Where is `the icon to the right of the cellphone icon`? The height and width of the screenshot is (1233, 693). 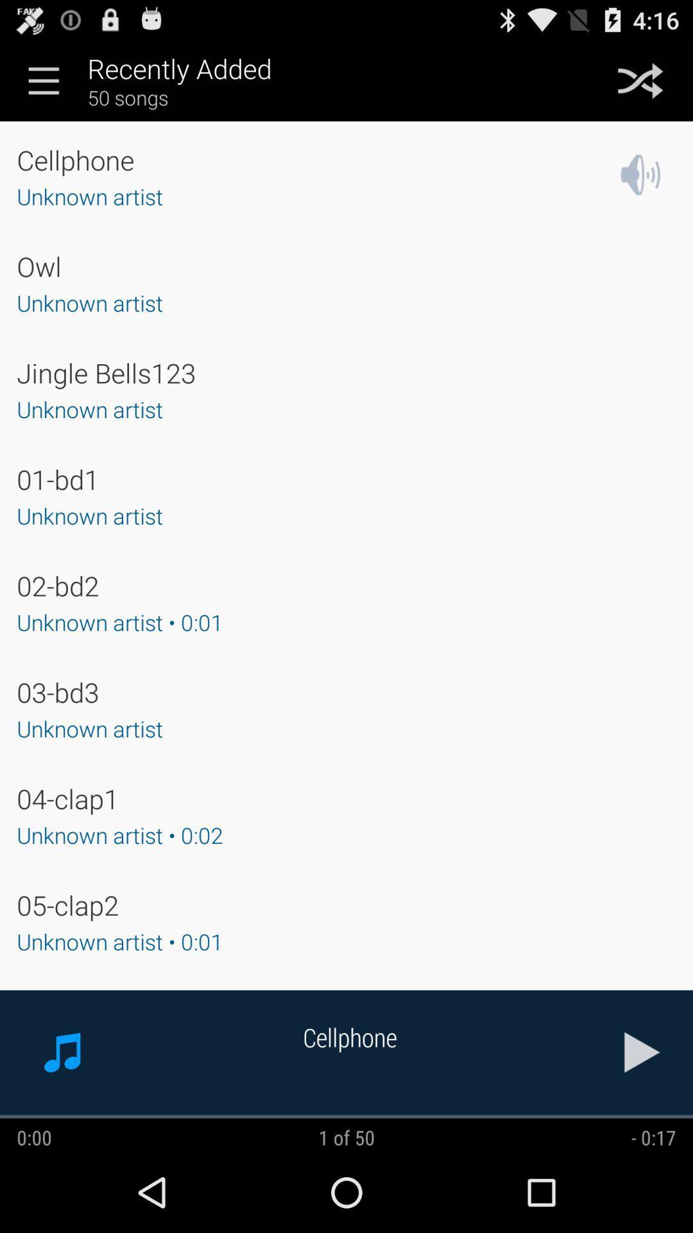
the icon to the right of the cellphone icon is located at coordinates (642, 1052).